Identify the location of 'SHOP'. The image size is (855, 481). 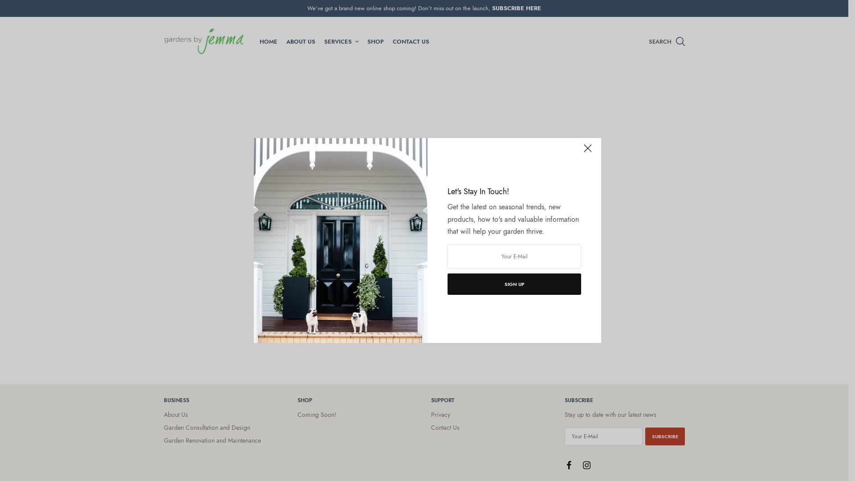
(375, 41).